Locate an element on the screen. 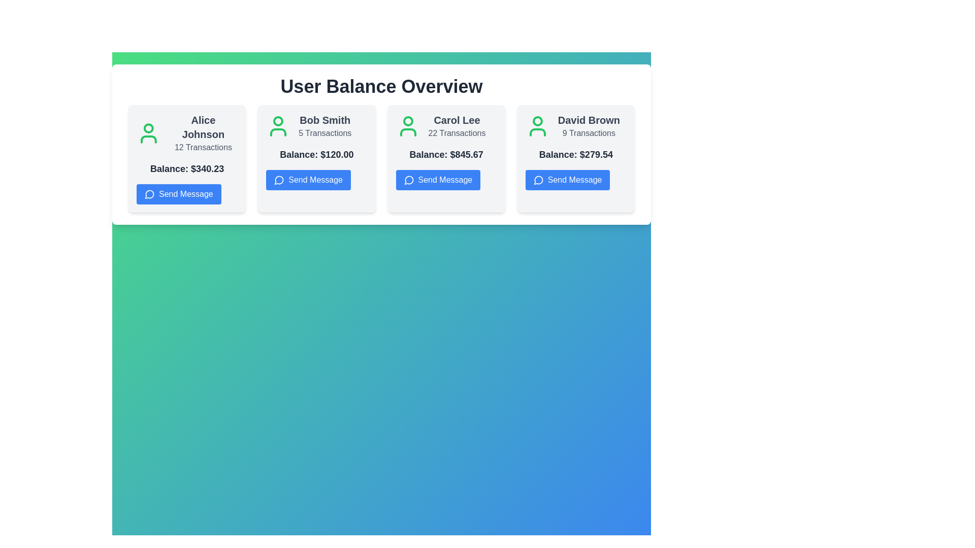  the text label displaying the name 'Carol Lee', which is located in the second user card above the transaction count text and below the green profile icon is located at coordinates (456, 119).